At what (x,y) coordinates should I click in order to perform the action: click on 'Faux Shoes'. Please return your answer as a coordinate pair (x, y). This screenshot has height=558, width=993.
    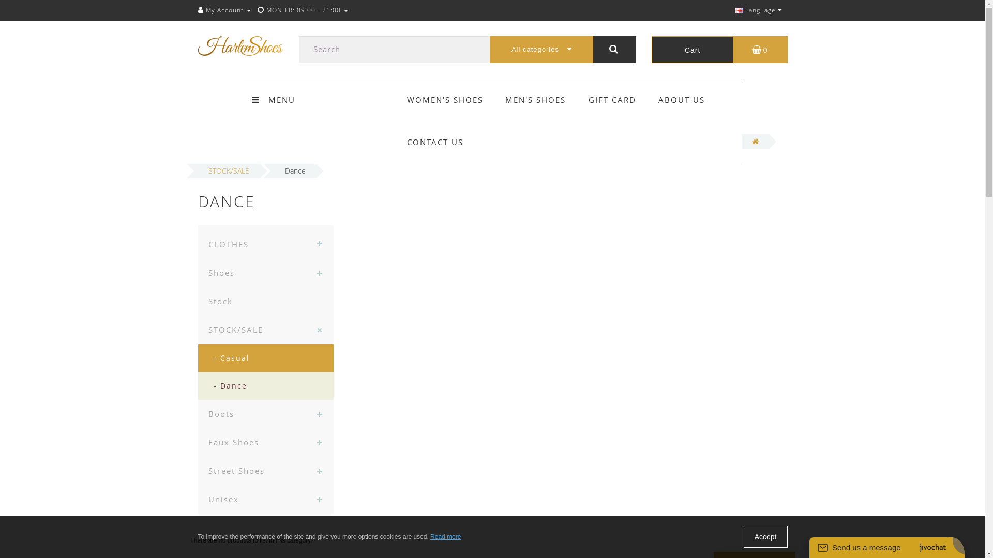
    Looking at the image, I should click on (265, 442).